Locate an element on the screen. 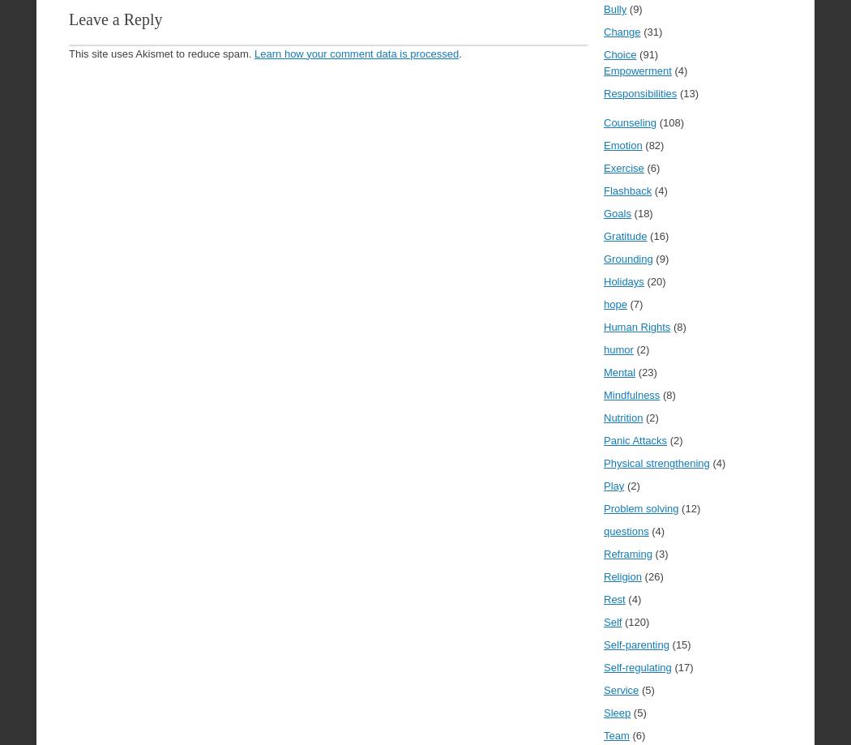  'Play' is located at coordinates (614, 486).